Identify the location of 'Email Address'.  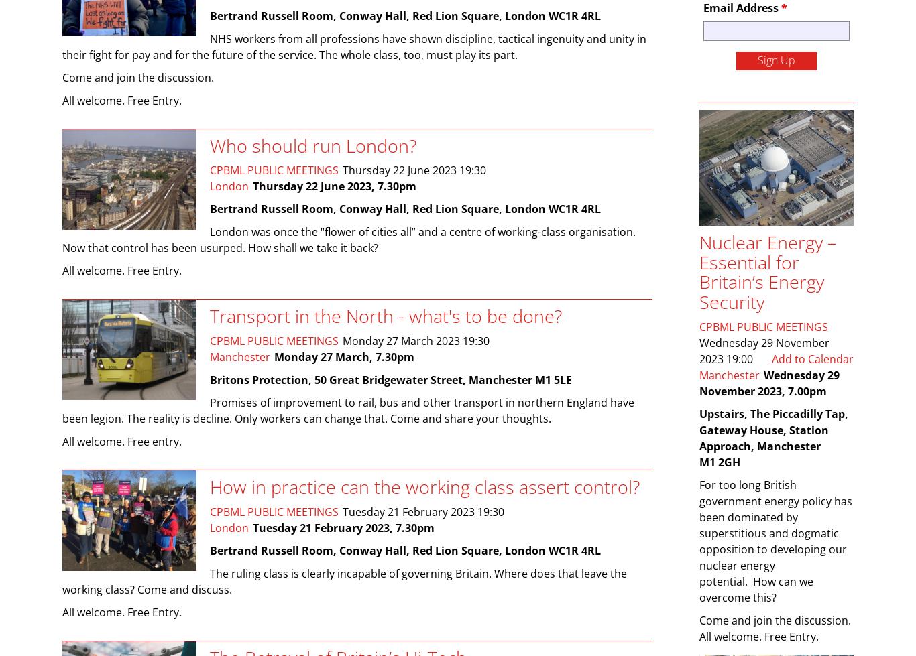
(741, 7).